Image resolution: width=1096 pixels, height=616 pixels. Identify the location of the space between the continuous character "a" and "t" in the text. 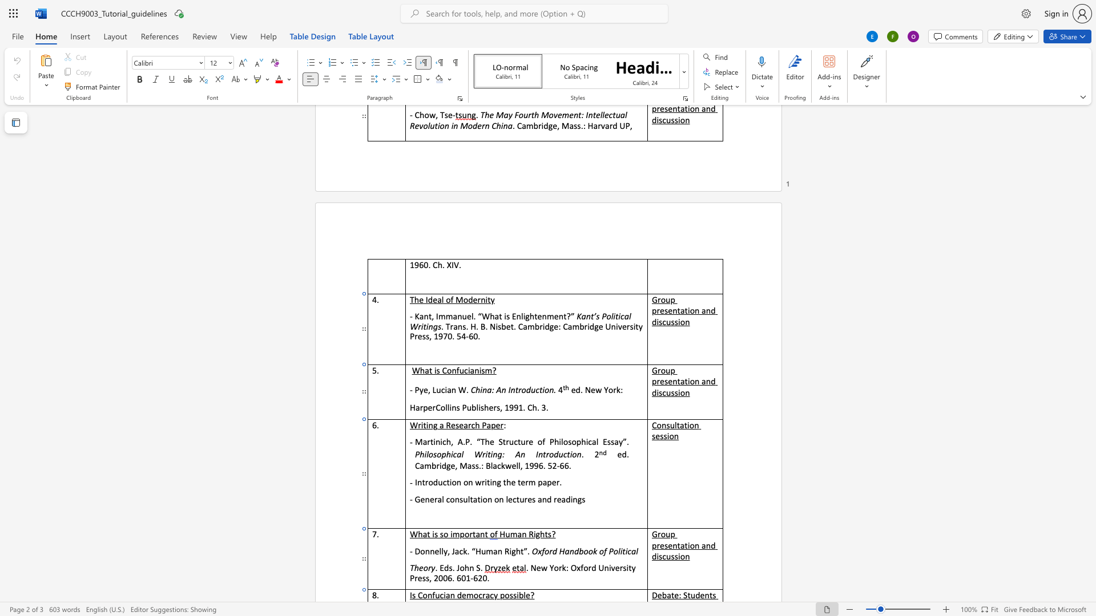
(684, 545).